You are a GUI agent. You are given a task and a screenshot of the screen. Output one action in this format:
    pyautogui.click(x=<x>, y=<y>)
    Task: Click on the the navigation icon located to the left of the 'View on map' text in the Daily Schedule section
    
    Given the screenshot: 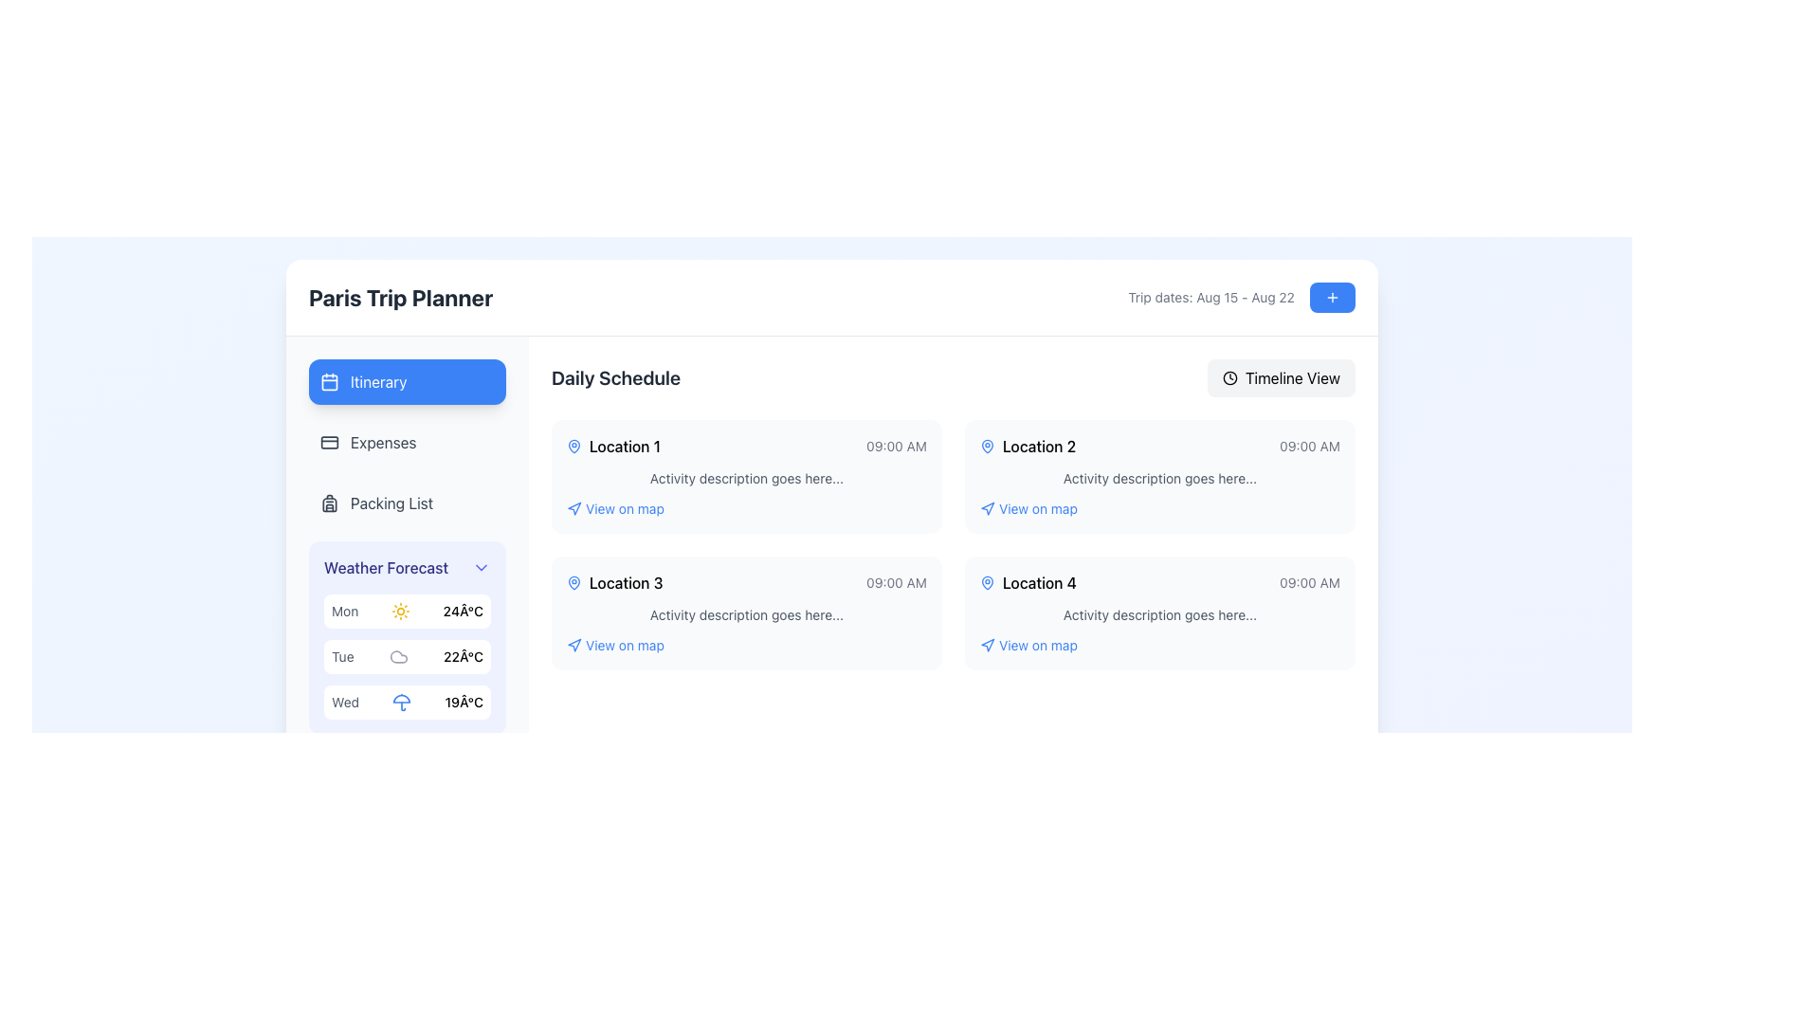 What is the action you would take?
    pyautogui.click(x=573, y=507)
    